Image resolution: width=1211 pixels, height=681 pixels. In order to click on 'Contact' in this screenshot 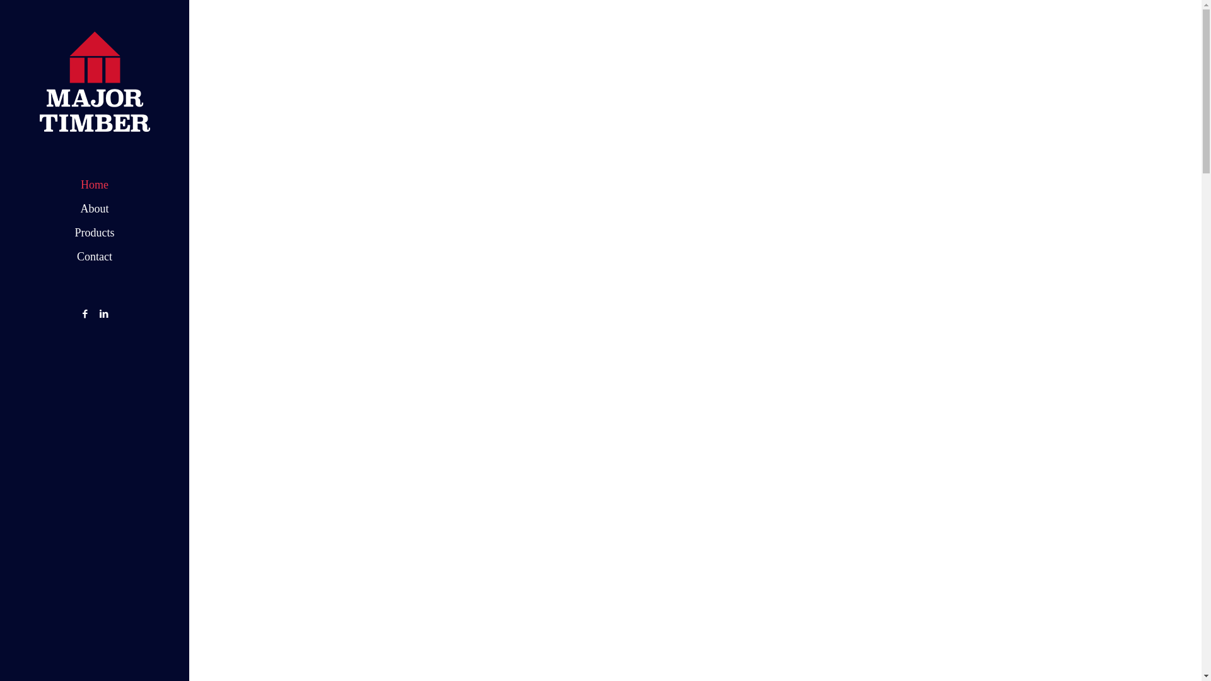, I will do `click(93, 256)`.